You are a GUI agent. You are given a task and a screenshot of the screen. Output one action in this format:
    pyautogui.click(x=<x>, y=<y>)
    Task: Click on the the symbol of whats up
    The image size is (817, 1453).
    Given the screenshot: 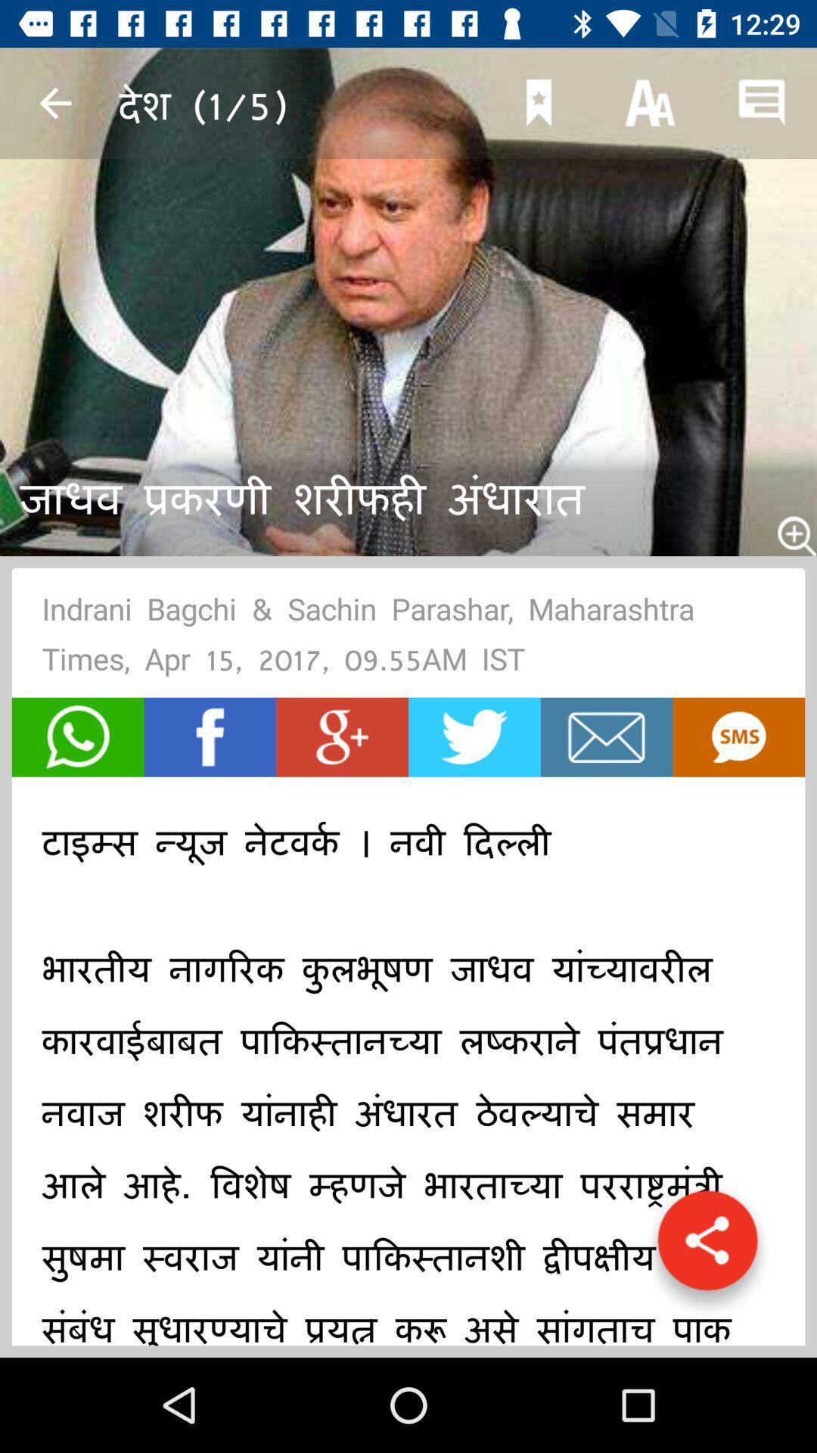 What is the action you would take?
    pyautogui.click(x=78, y=737)
    